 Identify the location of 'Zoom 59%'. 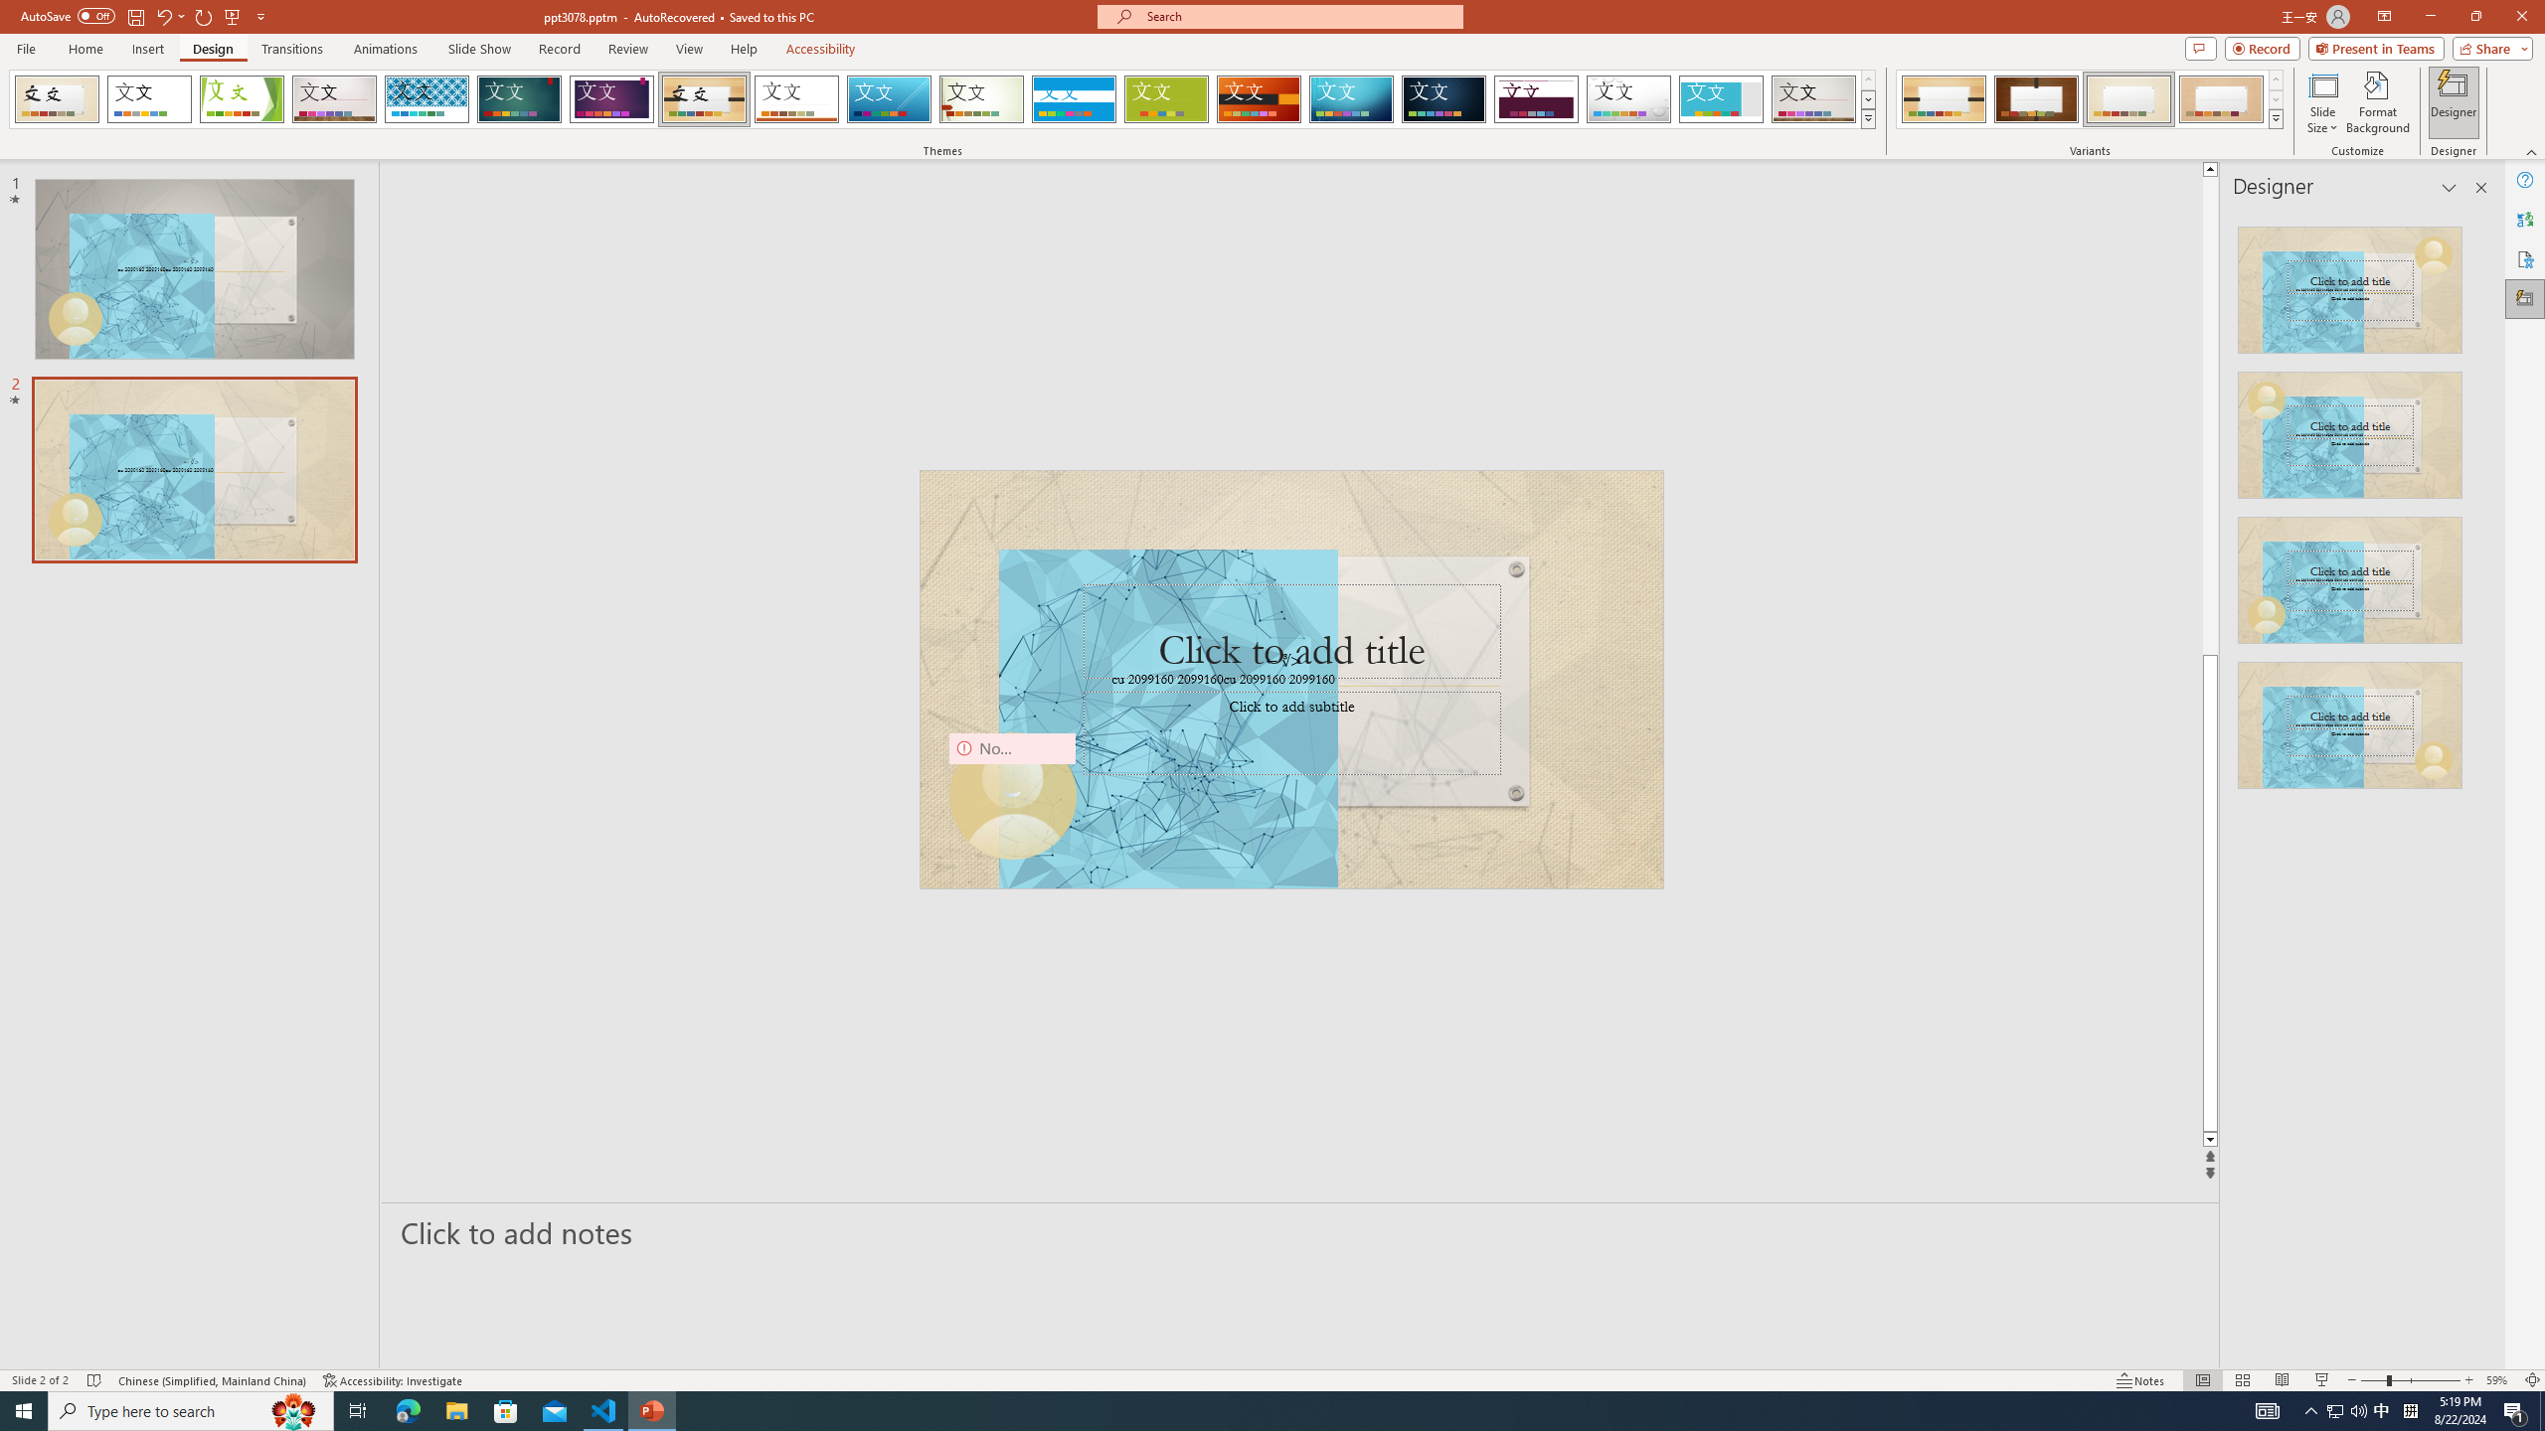
(2500, 1380).